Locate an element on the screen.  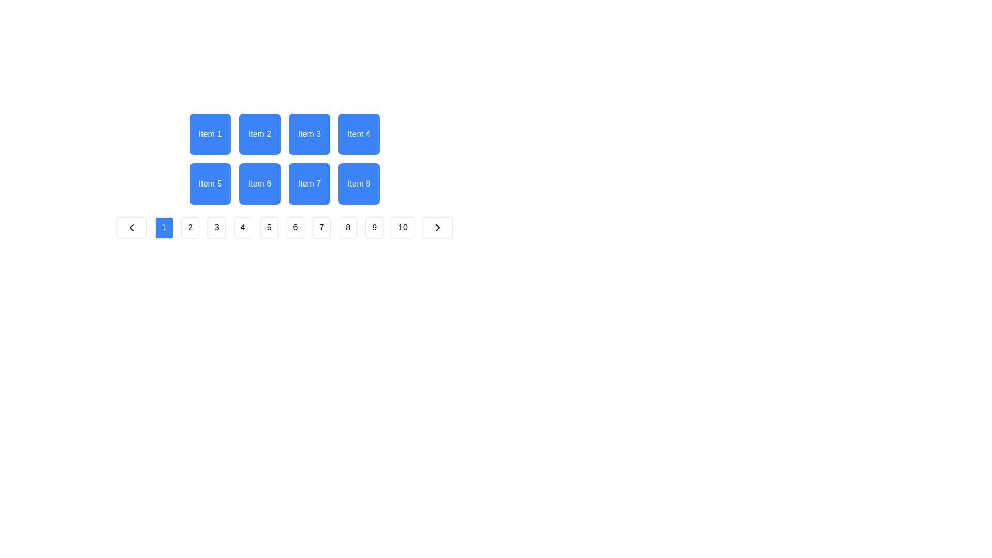
the blue square with rounded corners that contains the text 'Item 3', which is the third item in the first row of a grid layout is located at coordinates (309, 133).